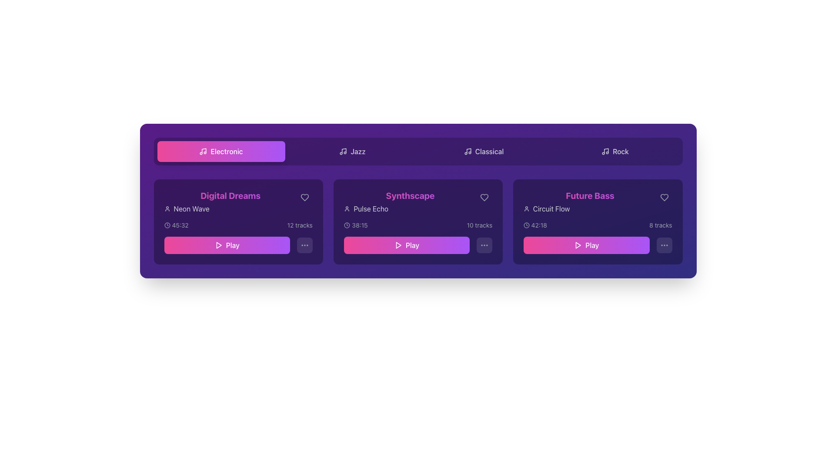 The width and height of the screenshot is (835, 469). I want to click on the heart icon indicating favorite functionality located at the top-right corner of the 'Future Bass' card, so click(664, 198).